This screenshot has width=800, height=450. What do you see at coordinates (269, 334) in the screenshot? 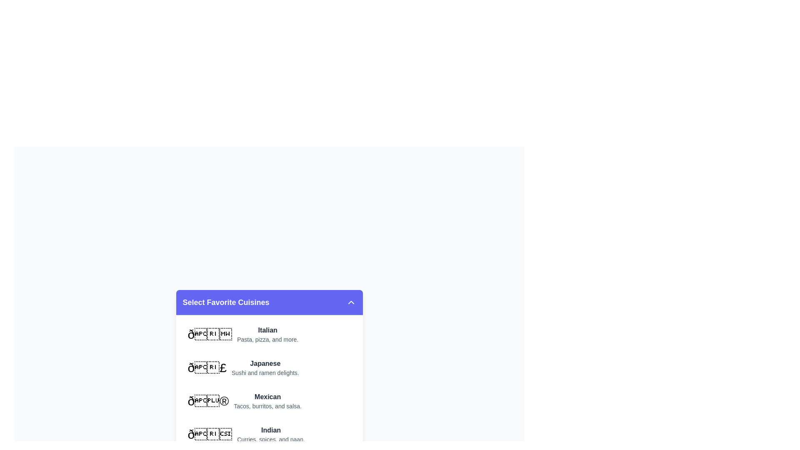
I see `the first list item featuring a pizza emoji and bold text 'Italian'` at bounding box center [269, 334].